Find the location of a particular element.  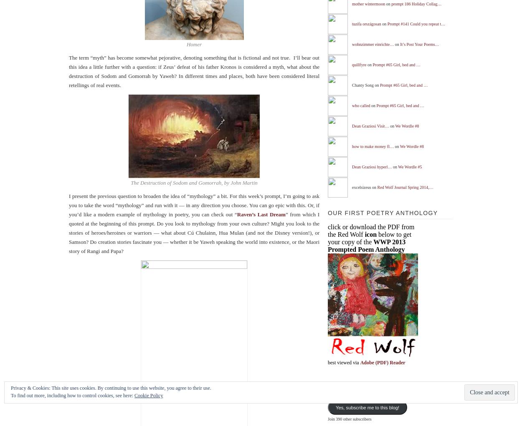

'quillfyre' is located at coordinates (358, 64).